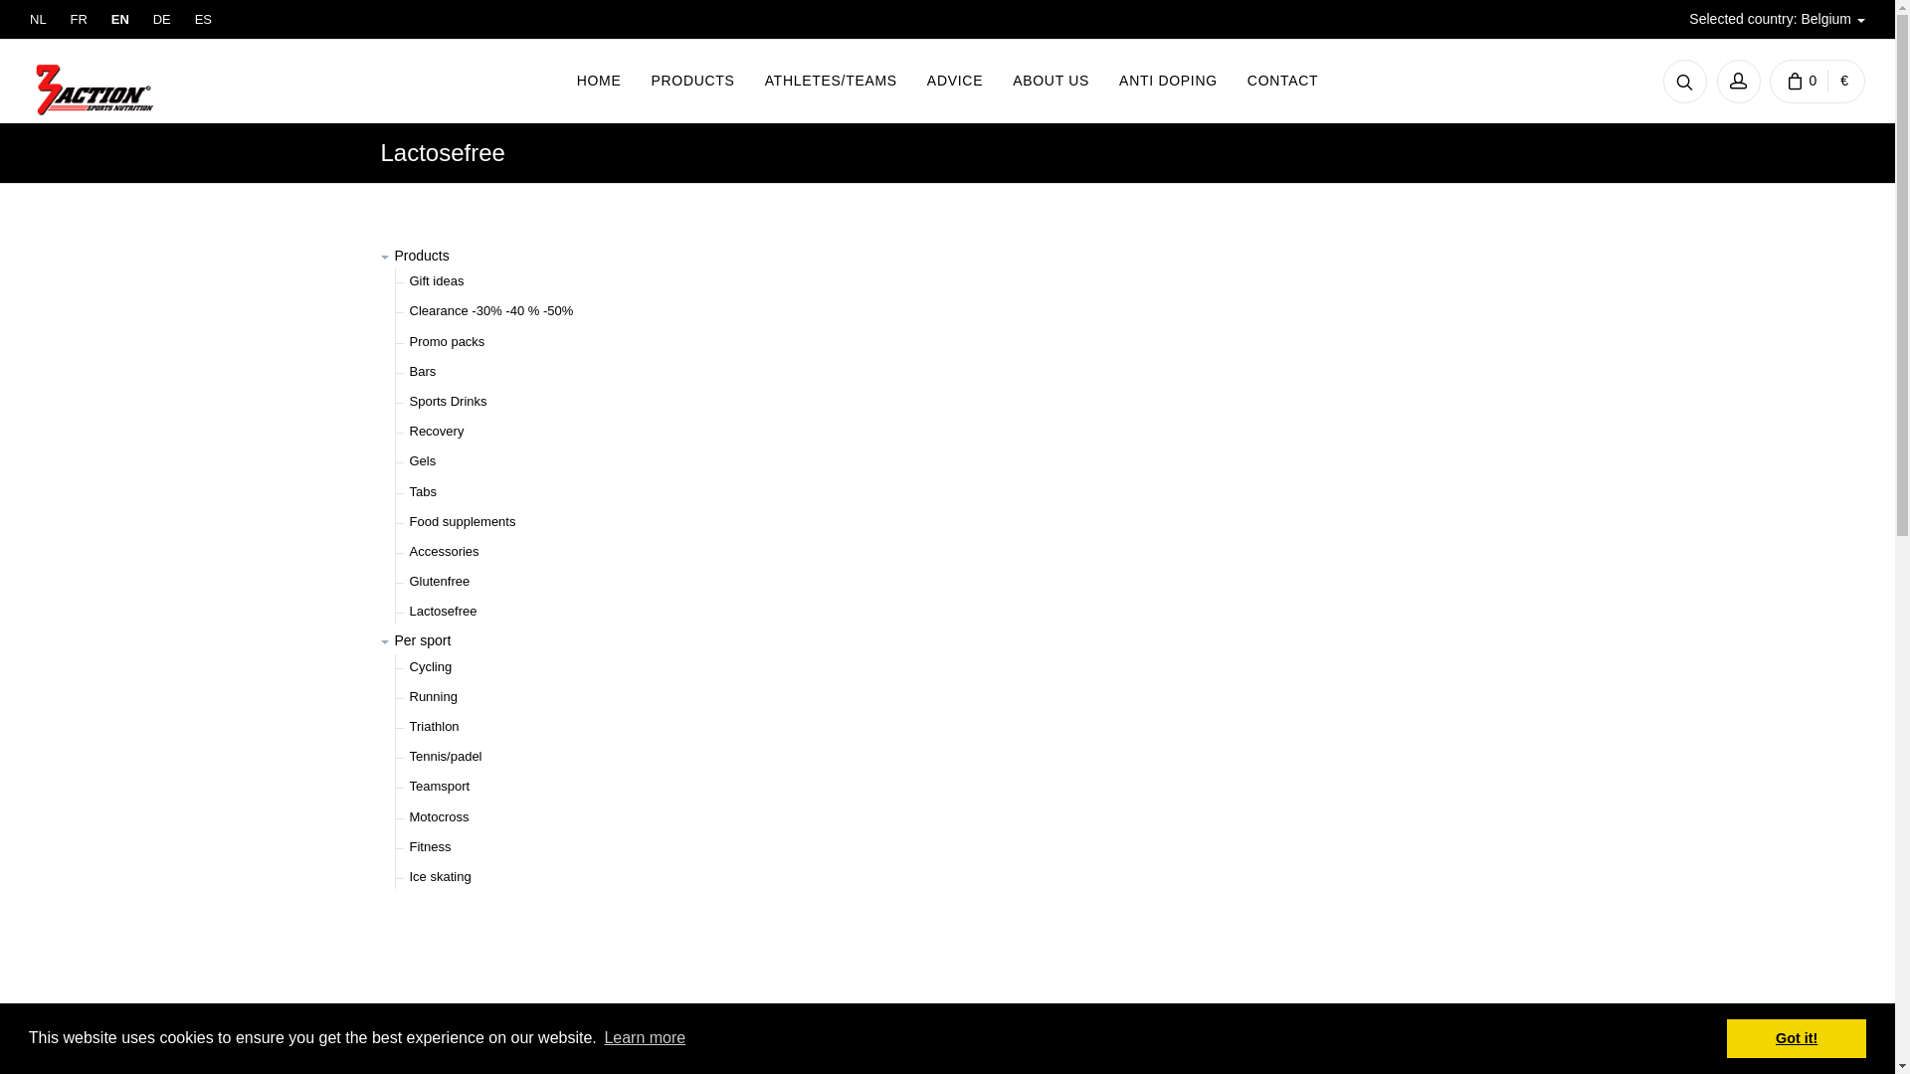 Image resolution: width=1910 pixels, height=1074 pixels. What do you see at coordinates (645, 1037) in the screenshot?
I see `'Learn more'` at bounding box center [645, 1037].